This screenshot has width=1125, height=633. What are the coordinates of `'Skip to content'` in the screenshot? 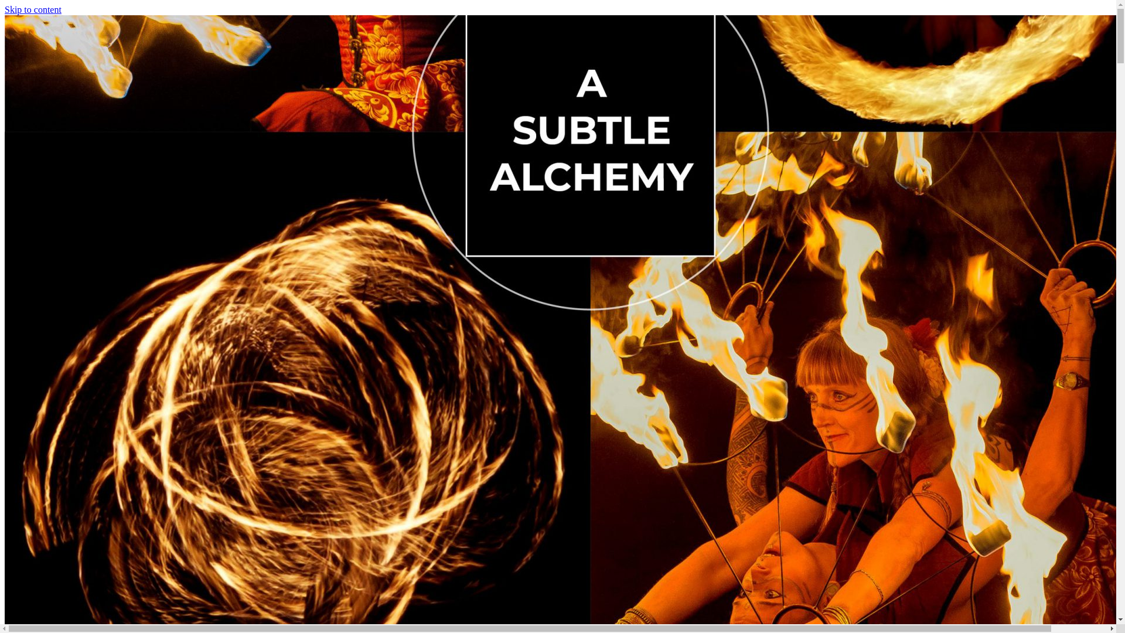 It's located at (33, 9).